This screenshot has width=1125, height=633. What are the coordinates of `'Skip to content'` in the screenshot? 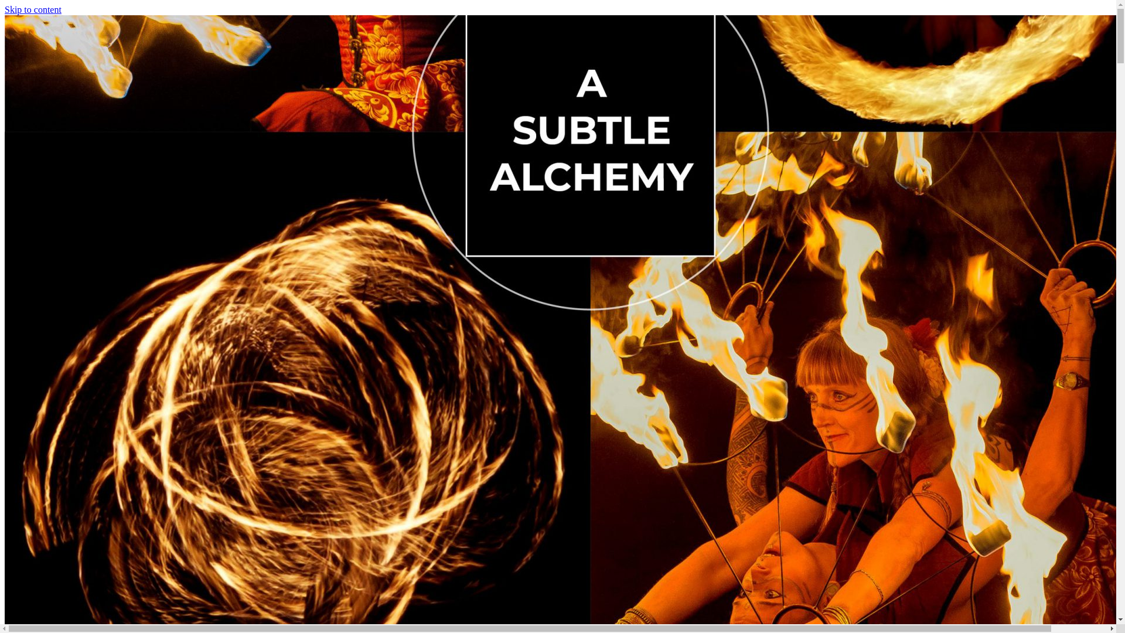 It's located at (33, 9).